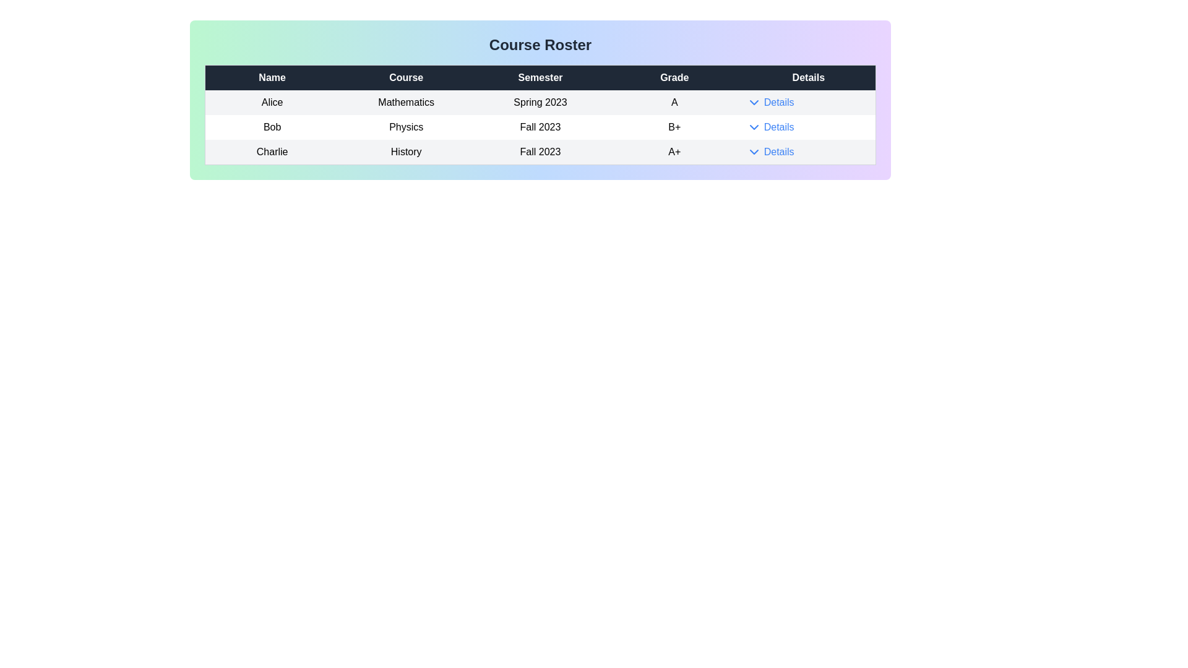  I want to click on the second row in the table that groups data for 'Bob' in the 'Physics' course for the semester 'Fall 2023' with a grade of 'B+', so click(540, 127).